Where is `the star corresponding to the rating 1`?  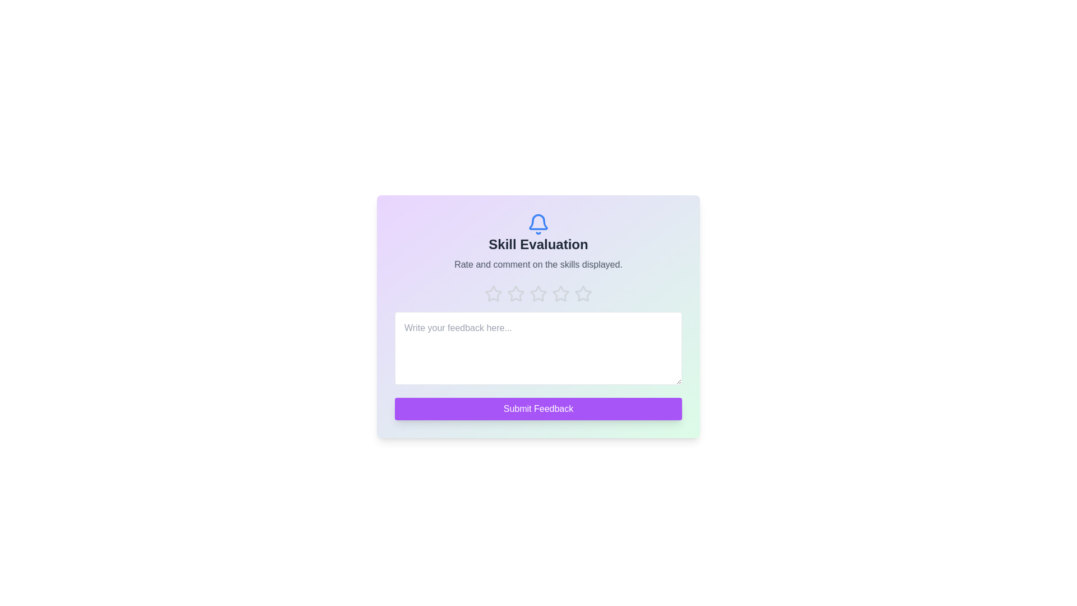 the star corresponding to the rating 1 is located at coordinates (493, 293).